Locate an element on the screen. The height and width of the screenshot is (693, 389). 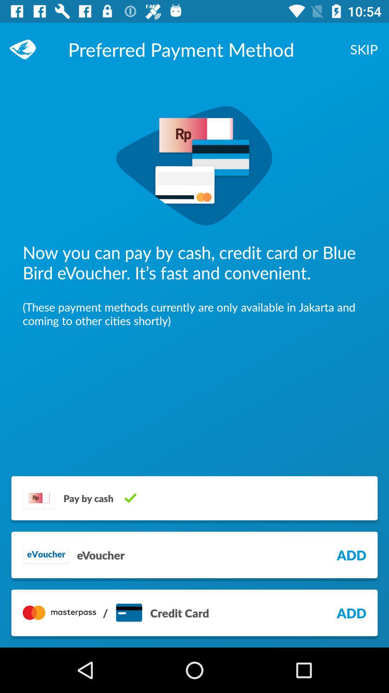
skip is located at coordinates (364, 49).